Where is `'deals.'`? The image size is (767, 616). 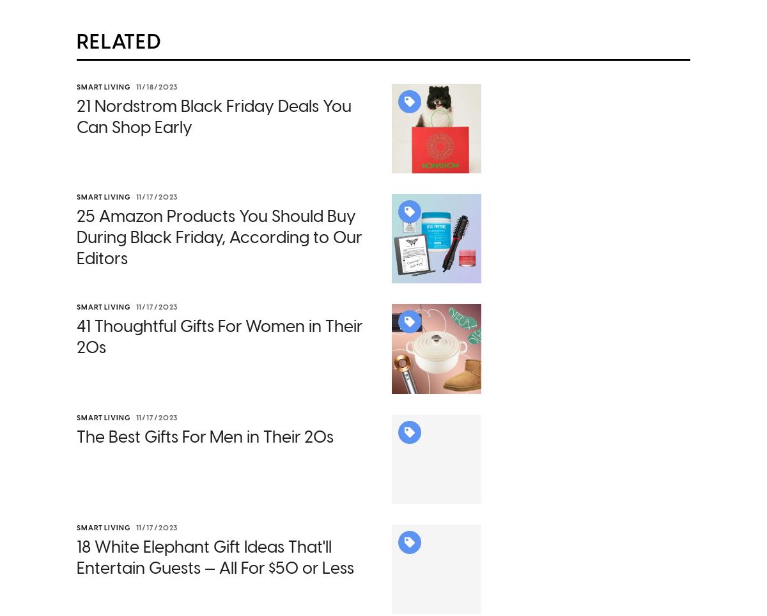
'deals.' is located at coordinates (385, 518).